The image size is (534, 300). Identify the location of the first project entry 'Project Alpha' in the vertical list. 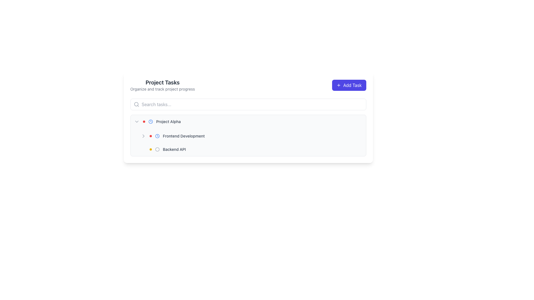
(245, 121).